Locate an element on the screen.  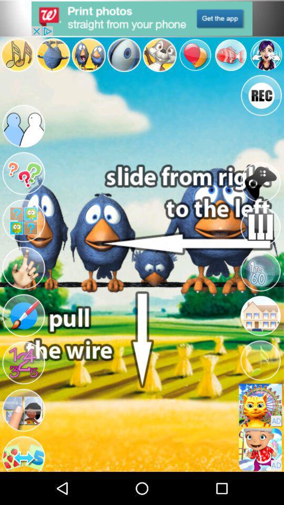
the settings icon is located at coordinates (230, 58).